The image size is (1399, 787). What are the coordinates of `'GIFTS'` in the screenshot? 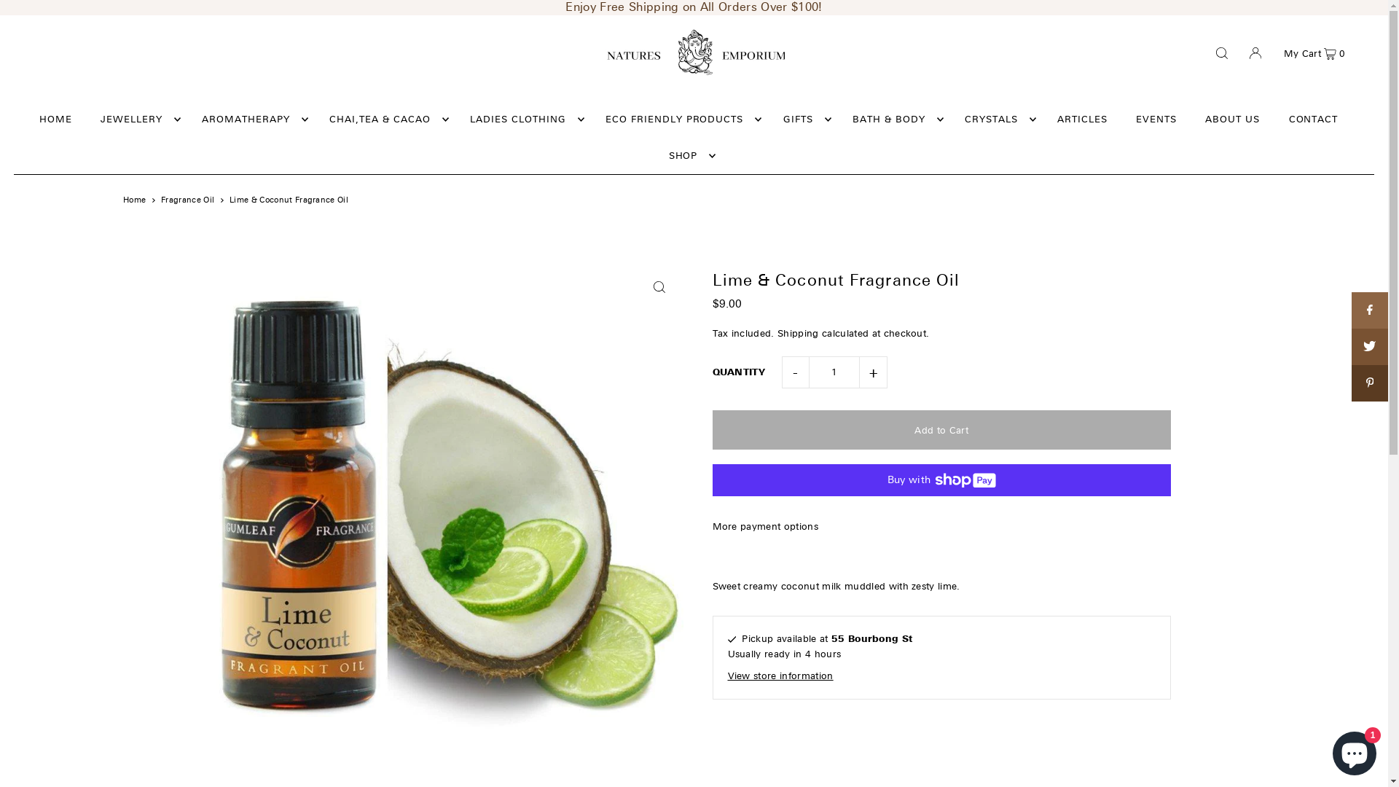 It's located at (803, 119).